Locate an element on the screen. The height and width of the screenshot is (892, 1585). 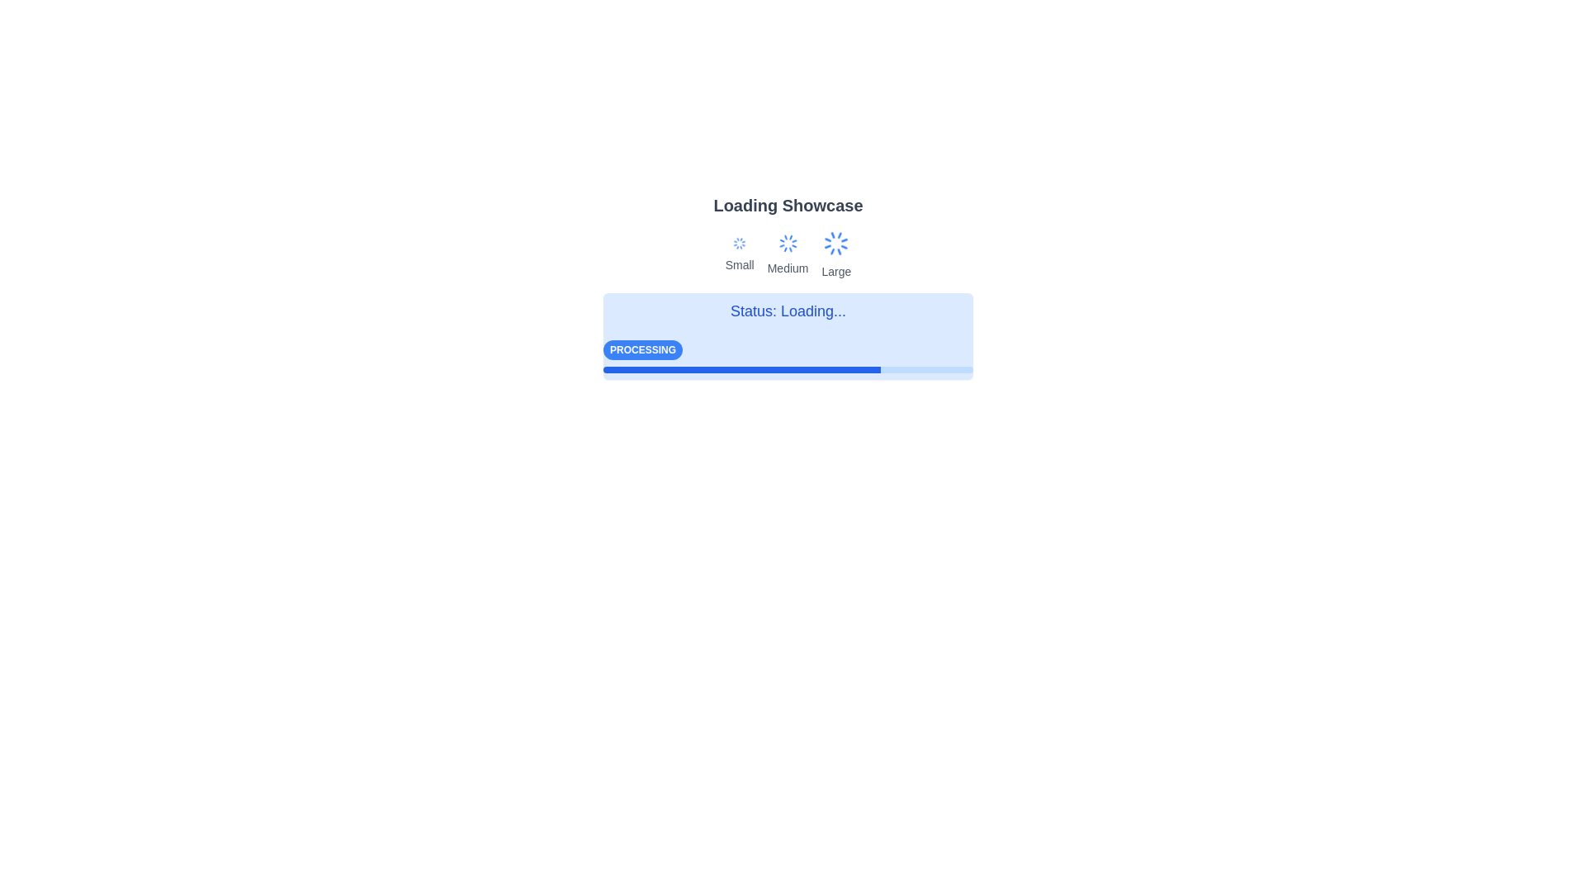
the Loading spinner icon, which is the leftmost among three loader icons in a horizontal row labeled Small, Medium, and Large, located above the text Small is located at coordinates (739, 243).